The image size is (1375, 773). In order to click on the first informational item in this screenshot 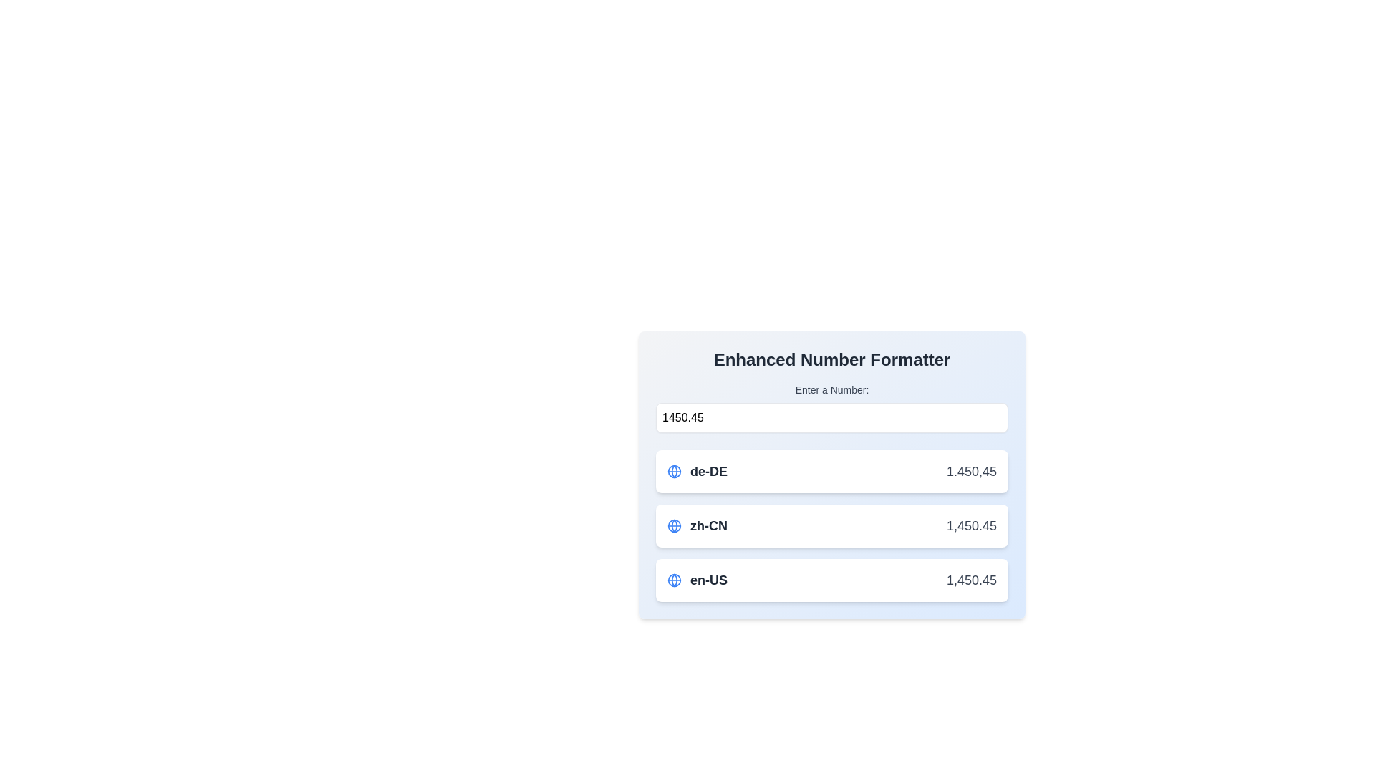, I will do `click(831, 475)`.